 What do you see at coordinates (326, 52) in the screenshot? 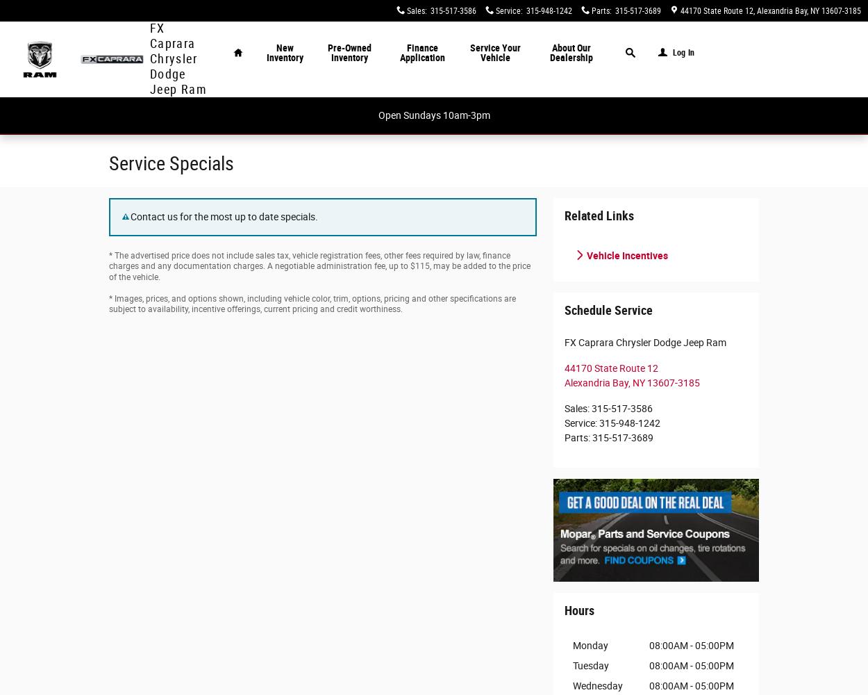
I see `'Pre-Owned Inventory'` at bounding box center [326, 52].